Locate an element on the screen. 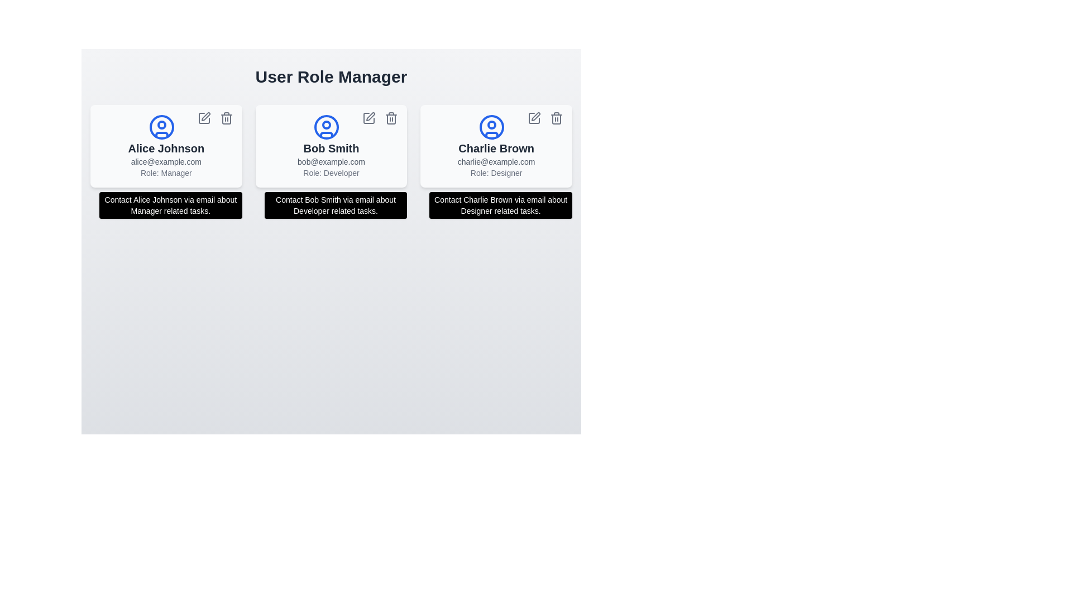  the 'Developer' text label indicating the role of the associated user 'Bob Smith', which is located centrally within the user information card is located at coordinates (331, 173).